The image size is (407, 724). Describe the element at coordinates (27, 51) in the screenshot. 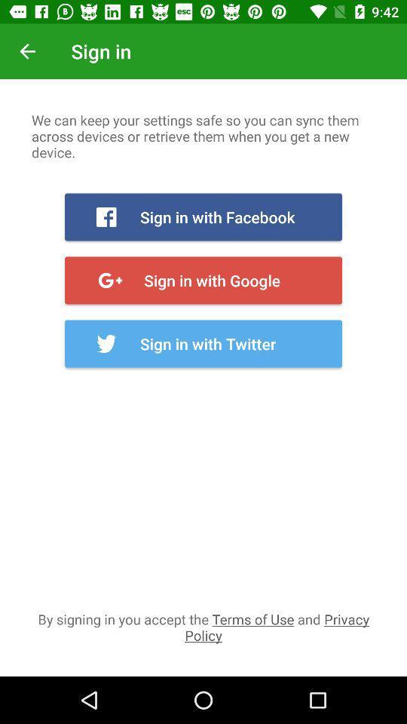

I see `the icon to the left of sign in item` at that location.